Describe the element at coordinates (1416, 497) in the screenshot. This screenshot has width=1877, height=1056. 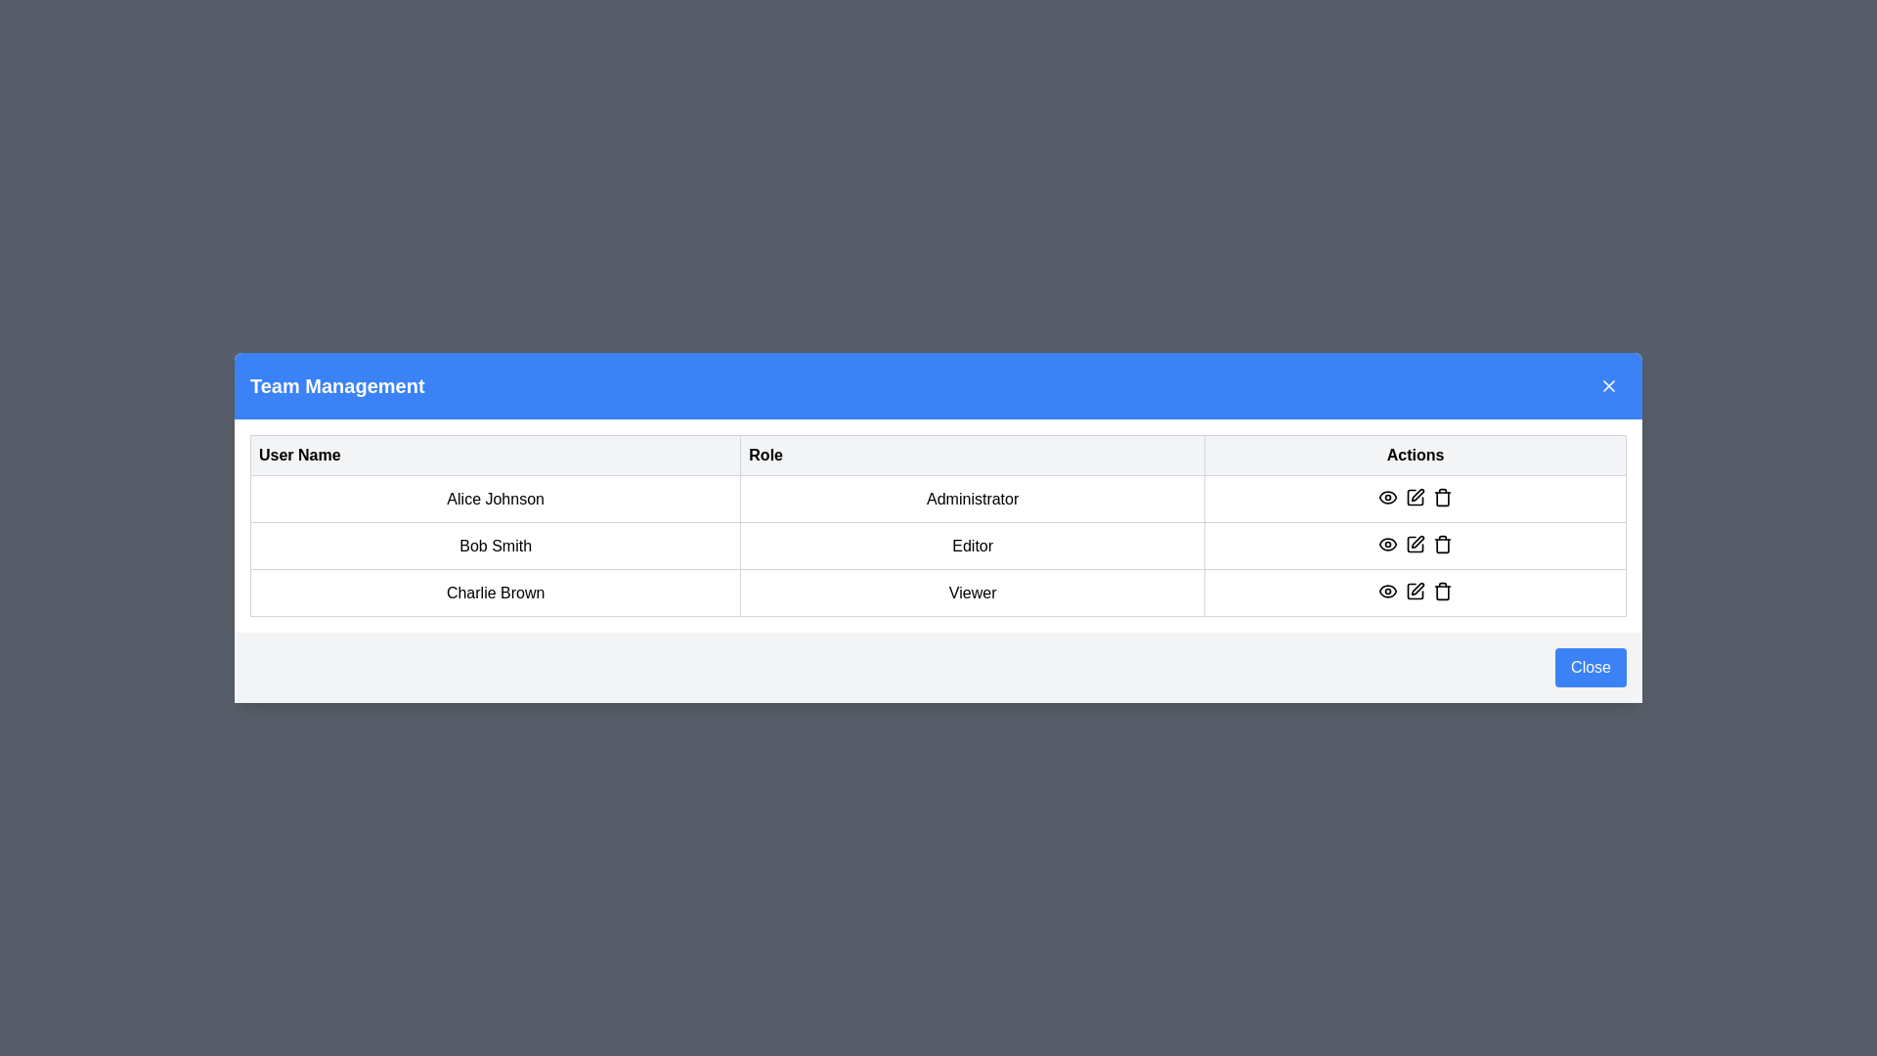
I see `the edit icon in the Actions column for the user 'Alice Johnson' to initiate editing` at that location.